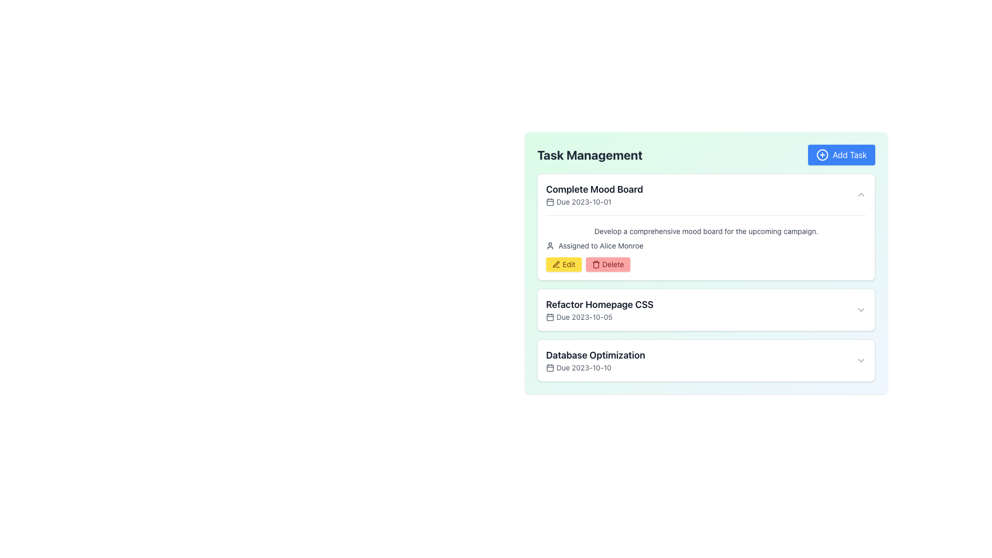 This screenshot has width=992, height=558. What do you see at coordinates (600, 304) in the screenshot?
I see `the title text label in the second task card of the 'Task Management' section, which identifies the specific task clearly` at bounding box center [600, 304].